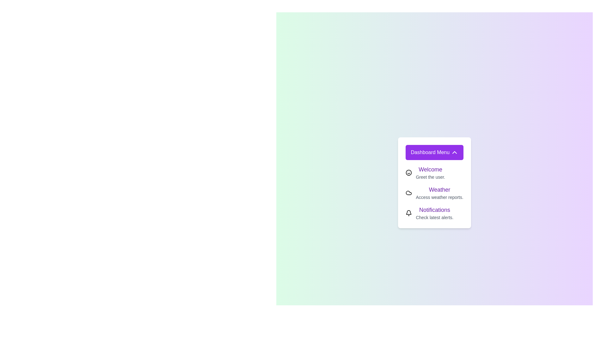  What do you see at coordinates (409, 213) in the screenshot?
I see `the element Notifications to display its tooltip` at bounding box center [409, 213].